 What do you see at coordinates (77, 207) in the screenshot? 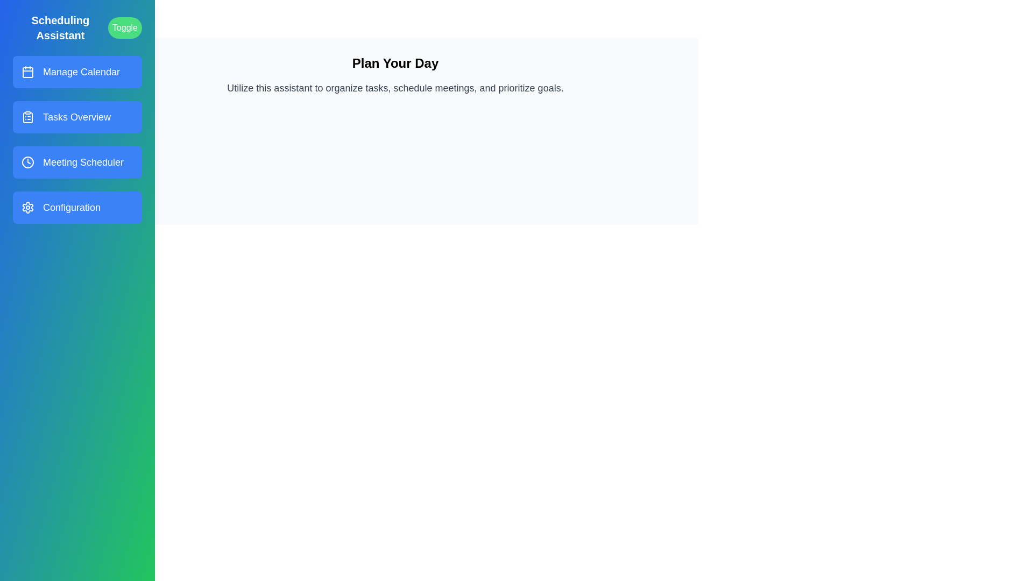
I see `the menu item corresponding to Configuration` at bounding box center [77, 207].